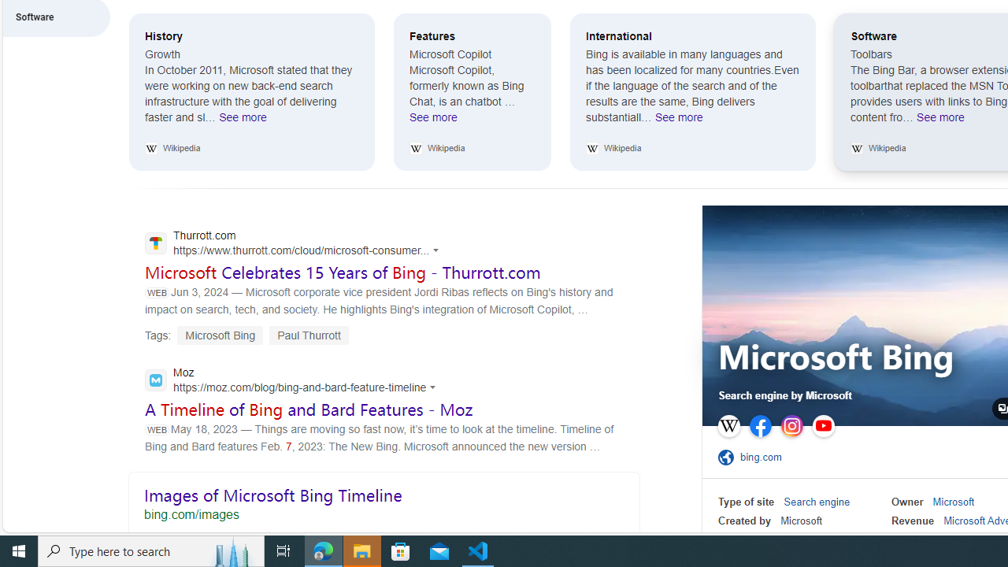  What do you see at coordinates (342, 271) in the screenshot?
I see `'Microsoft Celebrates 15 Years of Bing - Thurrott.com'` at bounding box center [342, 271].